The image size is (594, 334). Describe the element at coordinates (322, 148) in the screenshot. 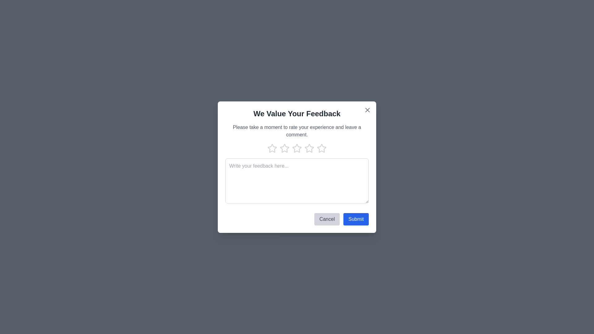

I see `the fifth hollow star icon used for rating purposes` at that location.